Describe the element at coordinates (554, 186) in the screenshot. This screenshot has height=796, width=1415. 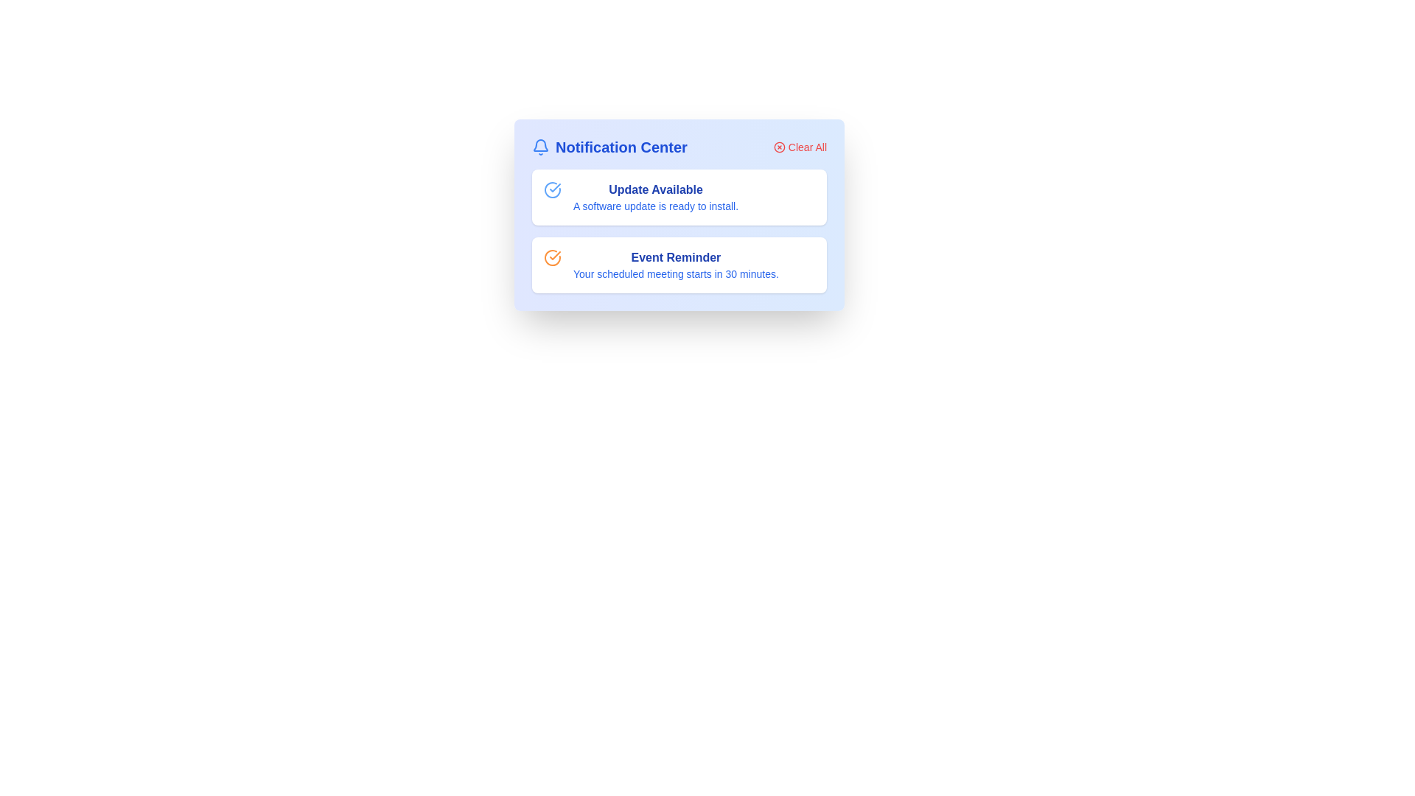
I see `the circular icon indicating successful completion, which is located to the left of the 'Event Reminder' text in the notification interface` at that location.